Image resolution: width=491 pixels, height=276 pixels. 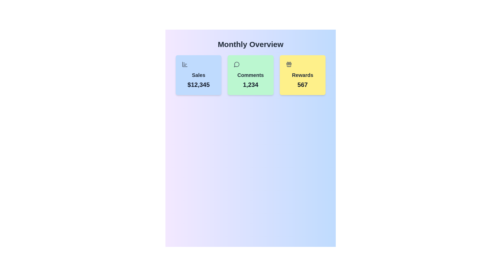 I want to click on the monetary value text label displaying '$12,345' under the 'Sales' category, so click(x=198, y=84).